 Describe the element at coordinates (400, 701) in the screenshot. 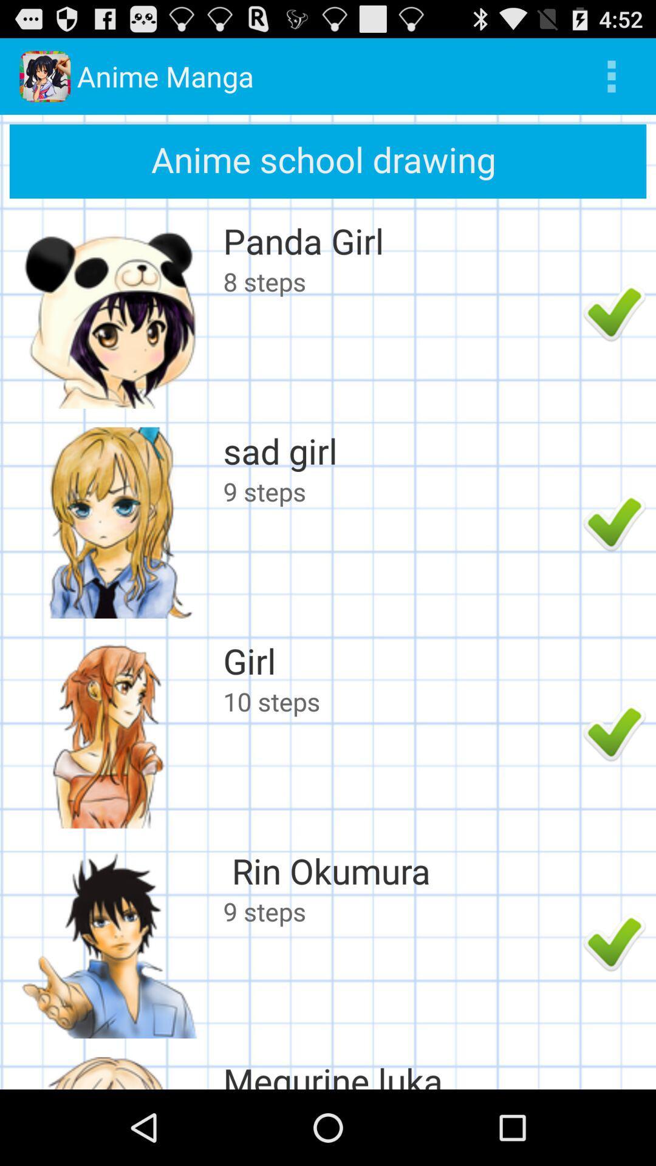

I see `10 steps icon` at that location.